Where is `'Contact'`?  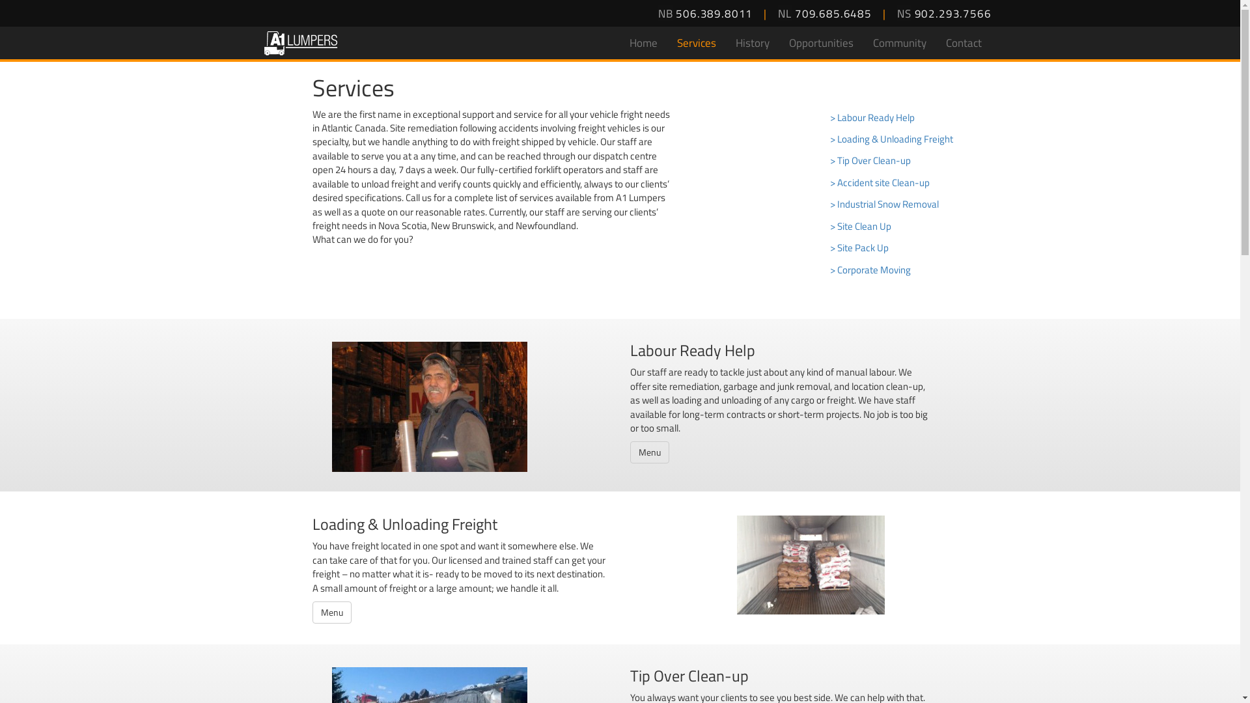
'Contact' is located at coordinates (964, 42).